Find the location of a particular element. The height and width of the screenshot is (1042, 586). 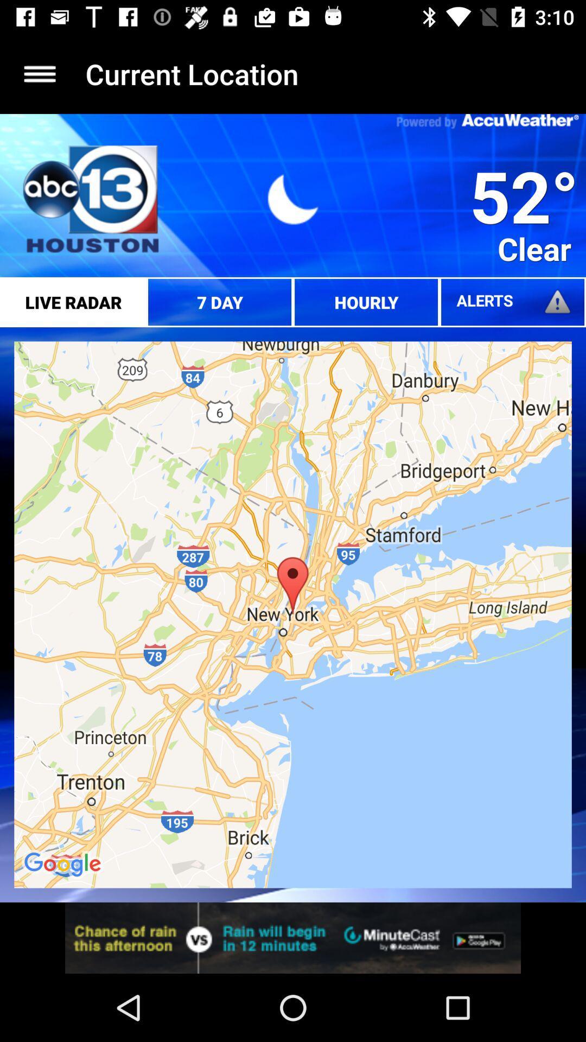

opens a advertisement is located at coordinates (293, 937).